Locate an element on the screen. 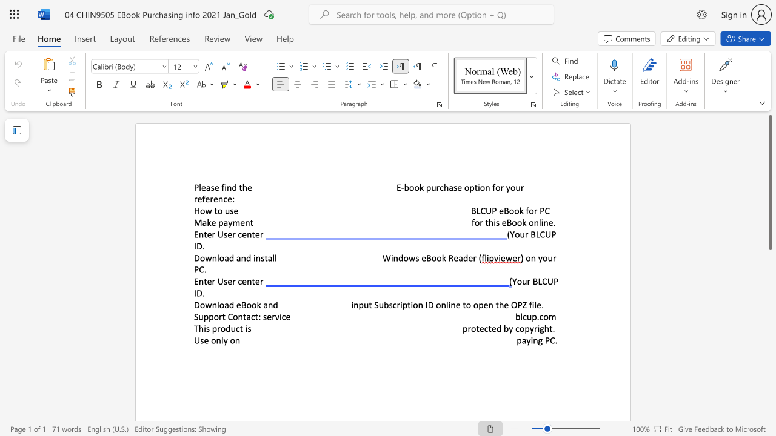 This screenshot has height=436, width=776. the subset text "our" within the text ") on your PC." is located at coordinates (541, 257).